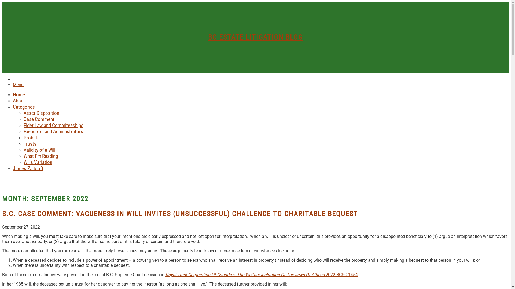 The height and width of the screenshot is (289, 515). I want to click on 'Skip to content', so click(2, 2).